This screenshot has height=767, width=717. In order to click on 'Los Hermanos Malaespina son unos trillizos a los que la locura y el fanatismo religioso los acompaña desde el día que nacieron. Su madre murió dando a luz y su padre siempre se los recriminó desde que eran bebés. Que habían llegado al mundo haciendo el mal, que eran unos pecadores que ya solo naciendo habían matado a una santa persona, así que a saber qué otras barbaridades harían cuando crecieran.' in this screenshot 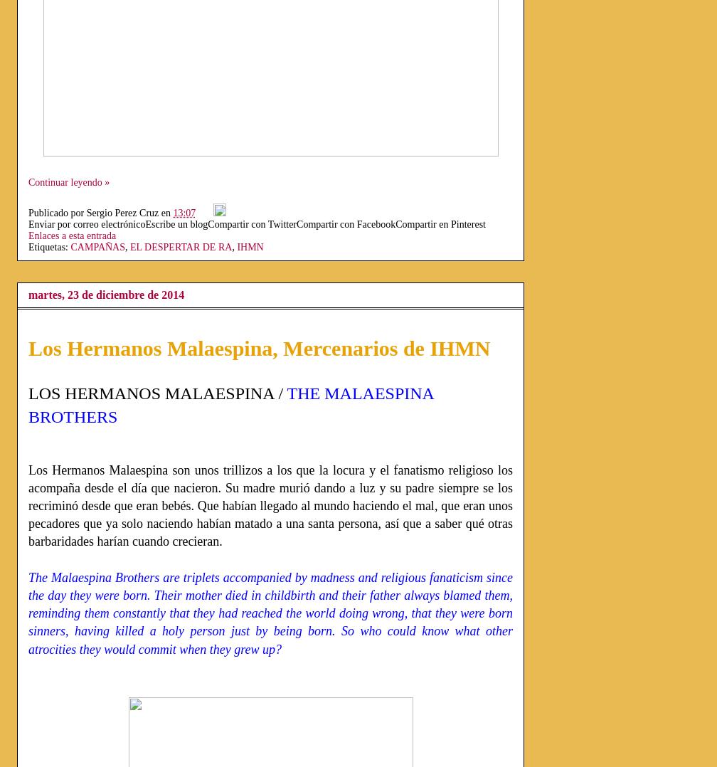, I will do `click(270, 504)`.